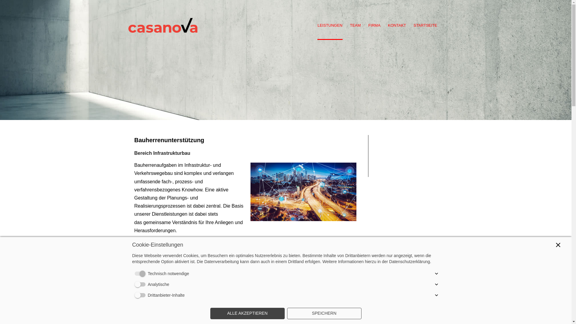 This screenshot has width=576, height=324. I want to click on 'LEISTUNGEN', so click(329, 25).